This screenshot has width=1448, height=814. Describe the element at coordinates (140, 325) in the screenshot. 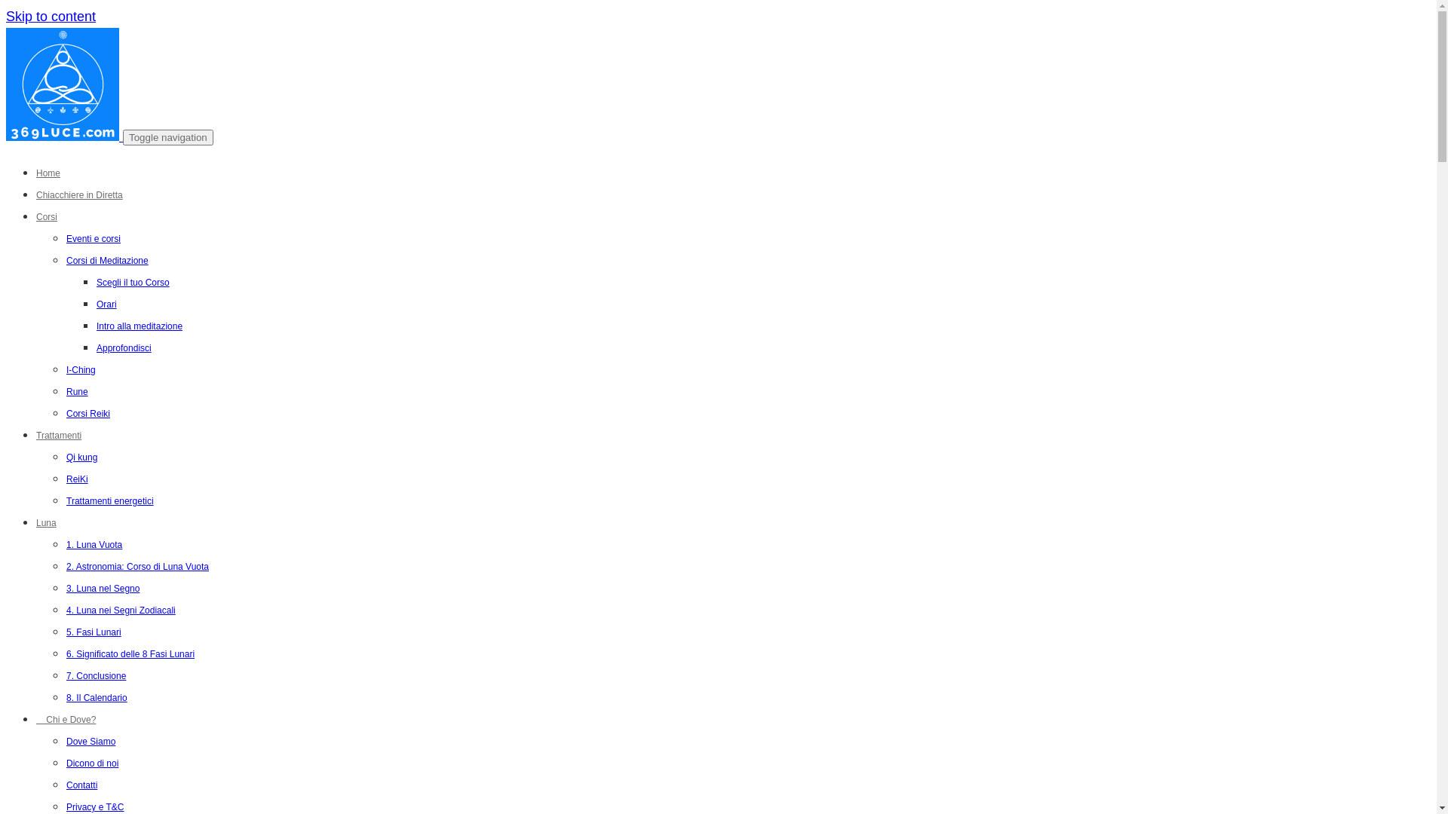

I see `'Intro alla meditazione'` at that location.